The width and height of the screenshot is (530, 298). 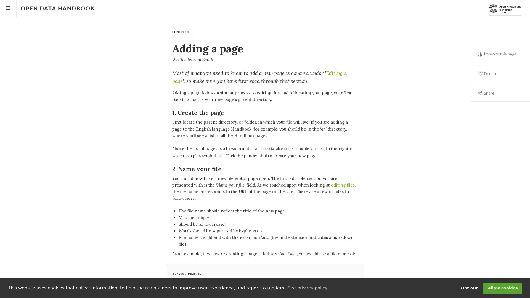 I want to click on learn more about cookies, so click(x=307, y=288).